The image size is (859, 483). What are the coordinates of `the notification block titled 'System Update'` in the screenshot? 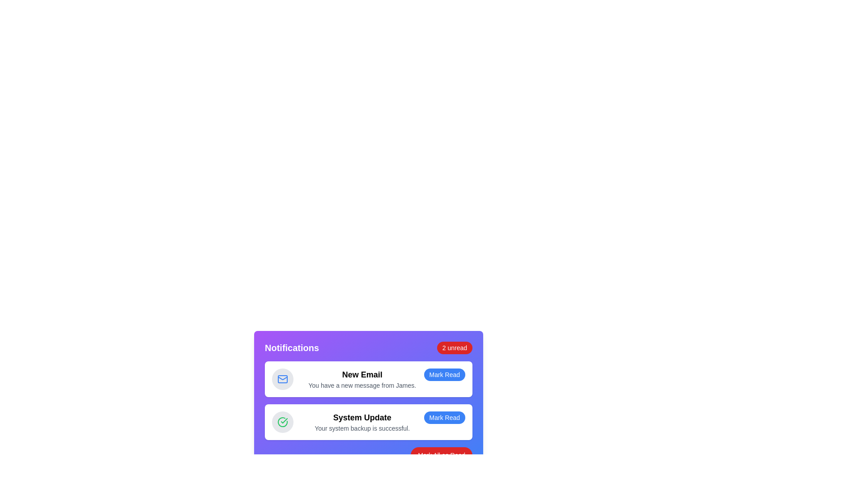 It's located at (369, 422).